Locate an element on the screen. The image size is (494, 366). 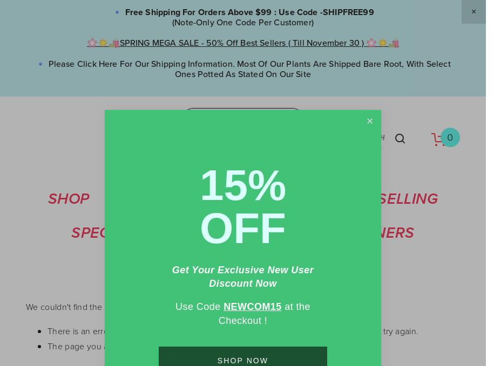
'There is an error in the URL entered into your web browser. Please check the URL and try again.' is located at coordinates (47, 330).